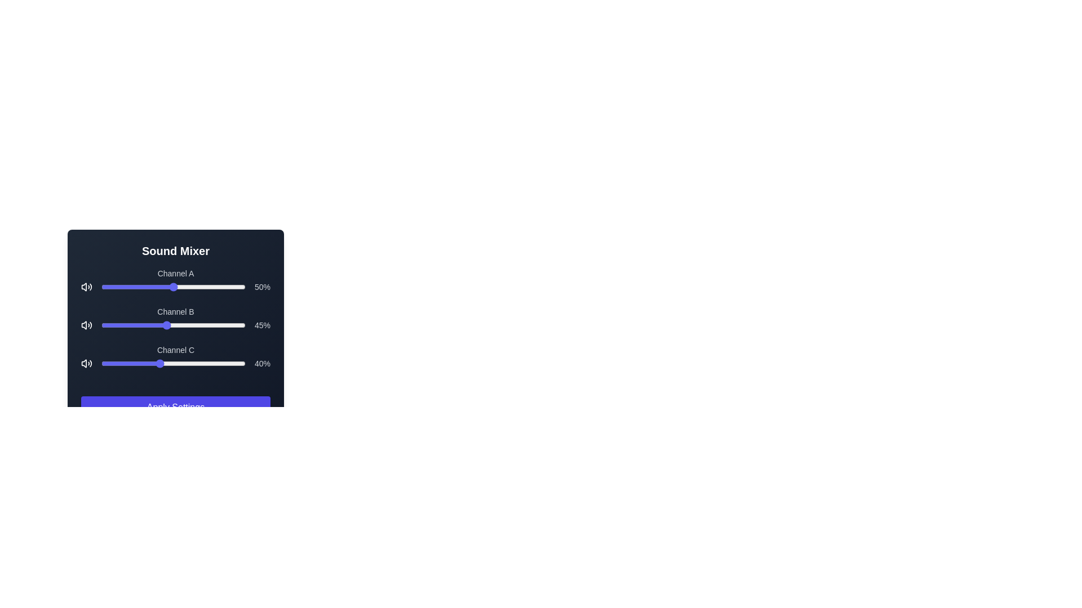  I want to click on the Channel B volume, so click(114, 325).